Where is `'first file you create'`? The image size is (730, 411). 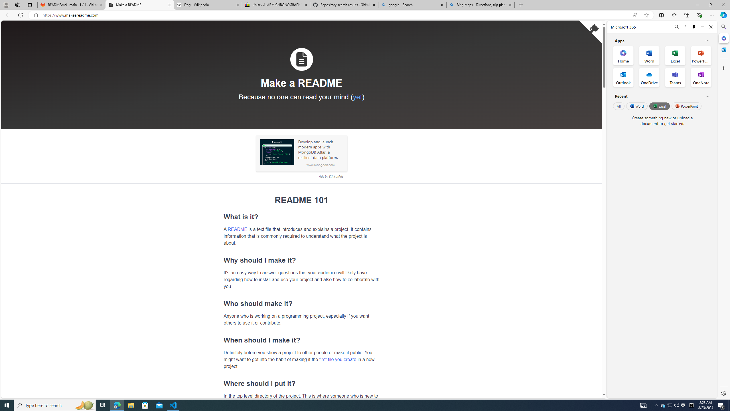
'first file you create' is located at coordinates (337, 359).